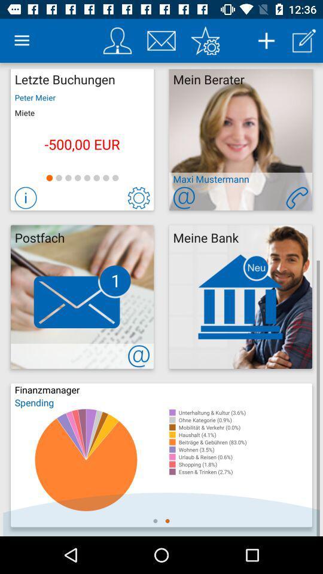  I want to click on your profile, so click(117, 41).